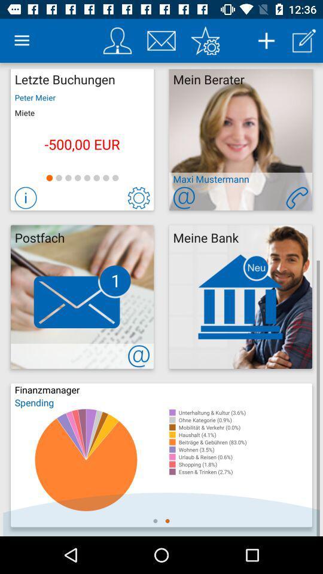  I want to click on your profile, so click(117, 41).